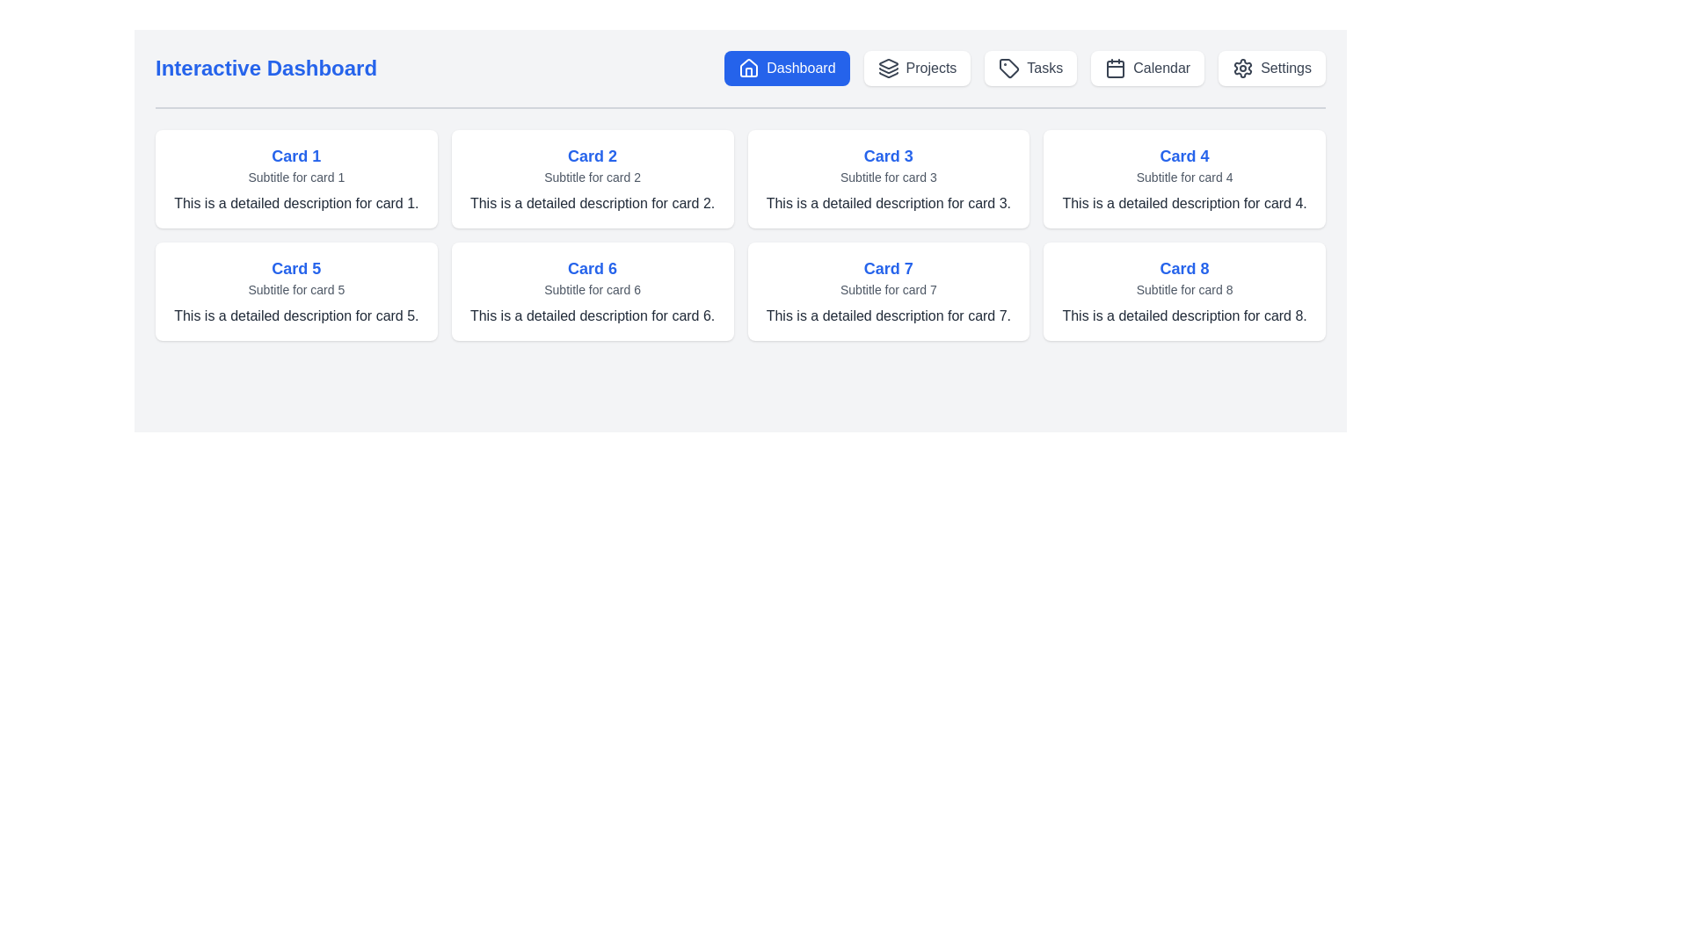 This screenshot has width=1688, height=949. Describe the element at coordinates (1184, 268) in the screenshot. I see `the text label 'Card 8', which is styled with bold, larger font in bright blue color, located at the top of its containing card in the first row, fourth column of the card grid layout` at that location.